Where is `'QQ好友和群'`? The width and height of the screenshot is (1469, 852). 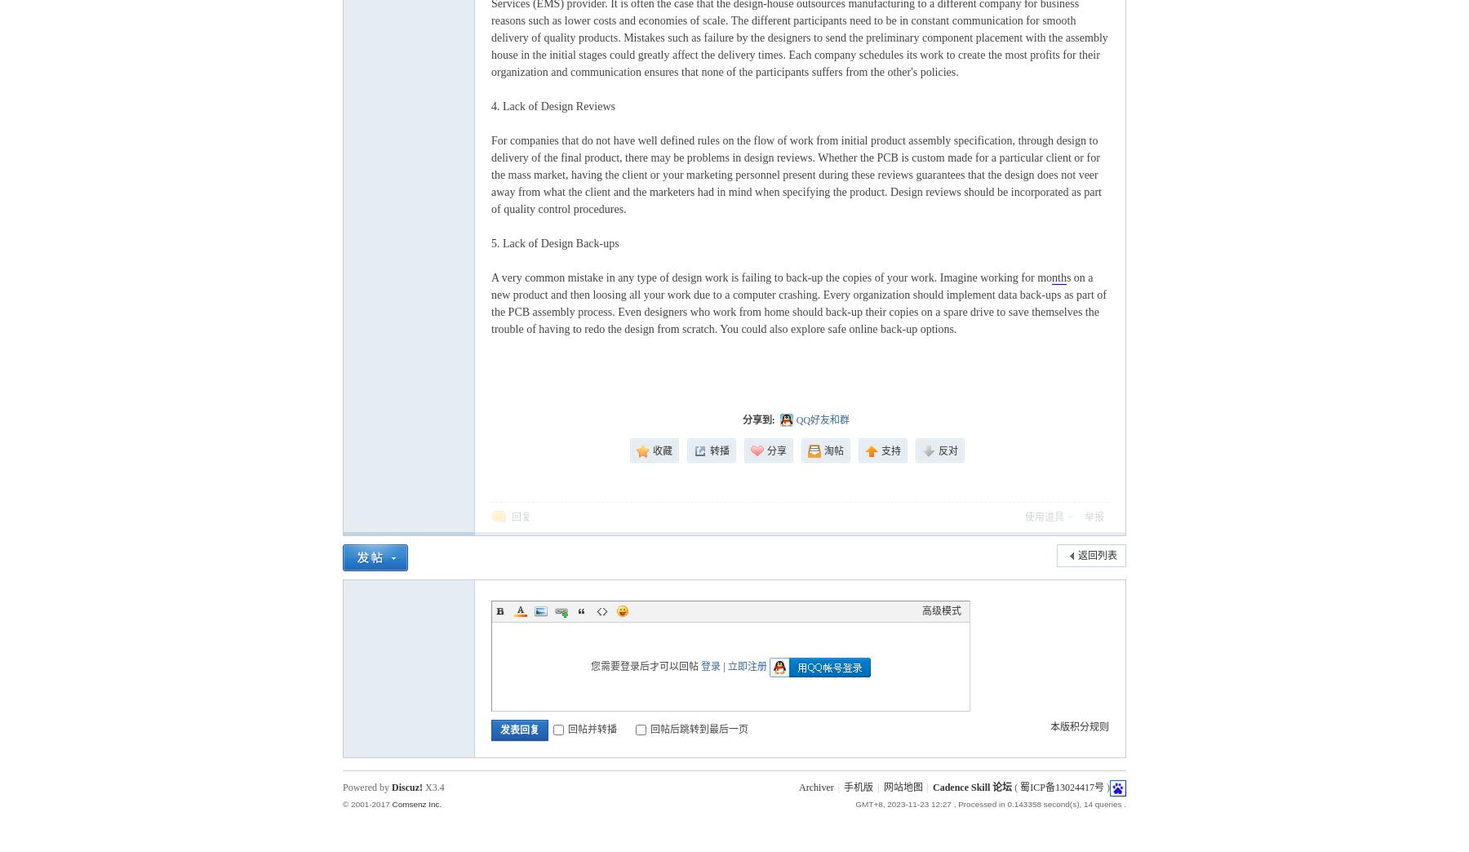
'QQ好友和群' is located at coordinates (822, 420).